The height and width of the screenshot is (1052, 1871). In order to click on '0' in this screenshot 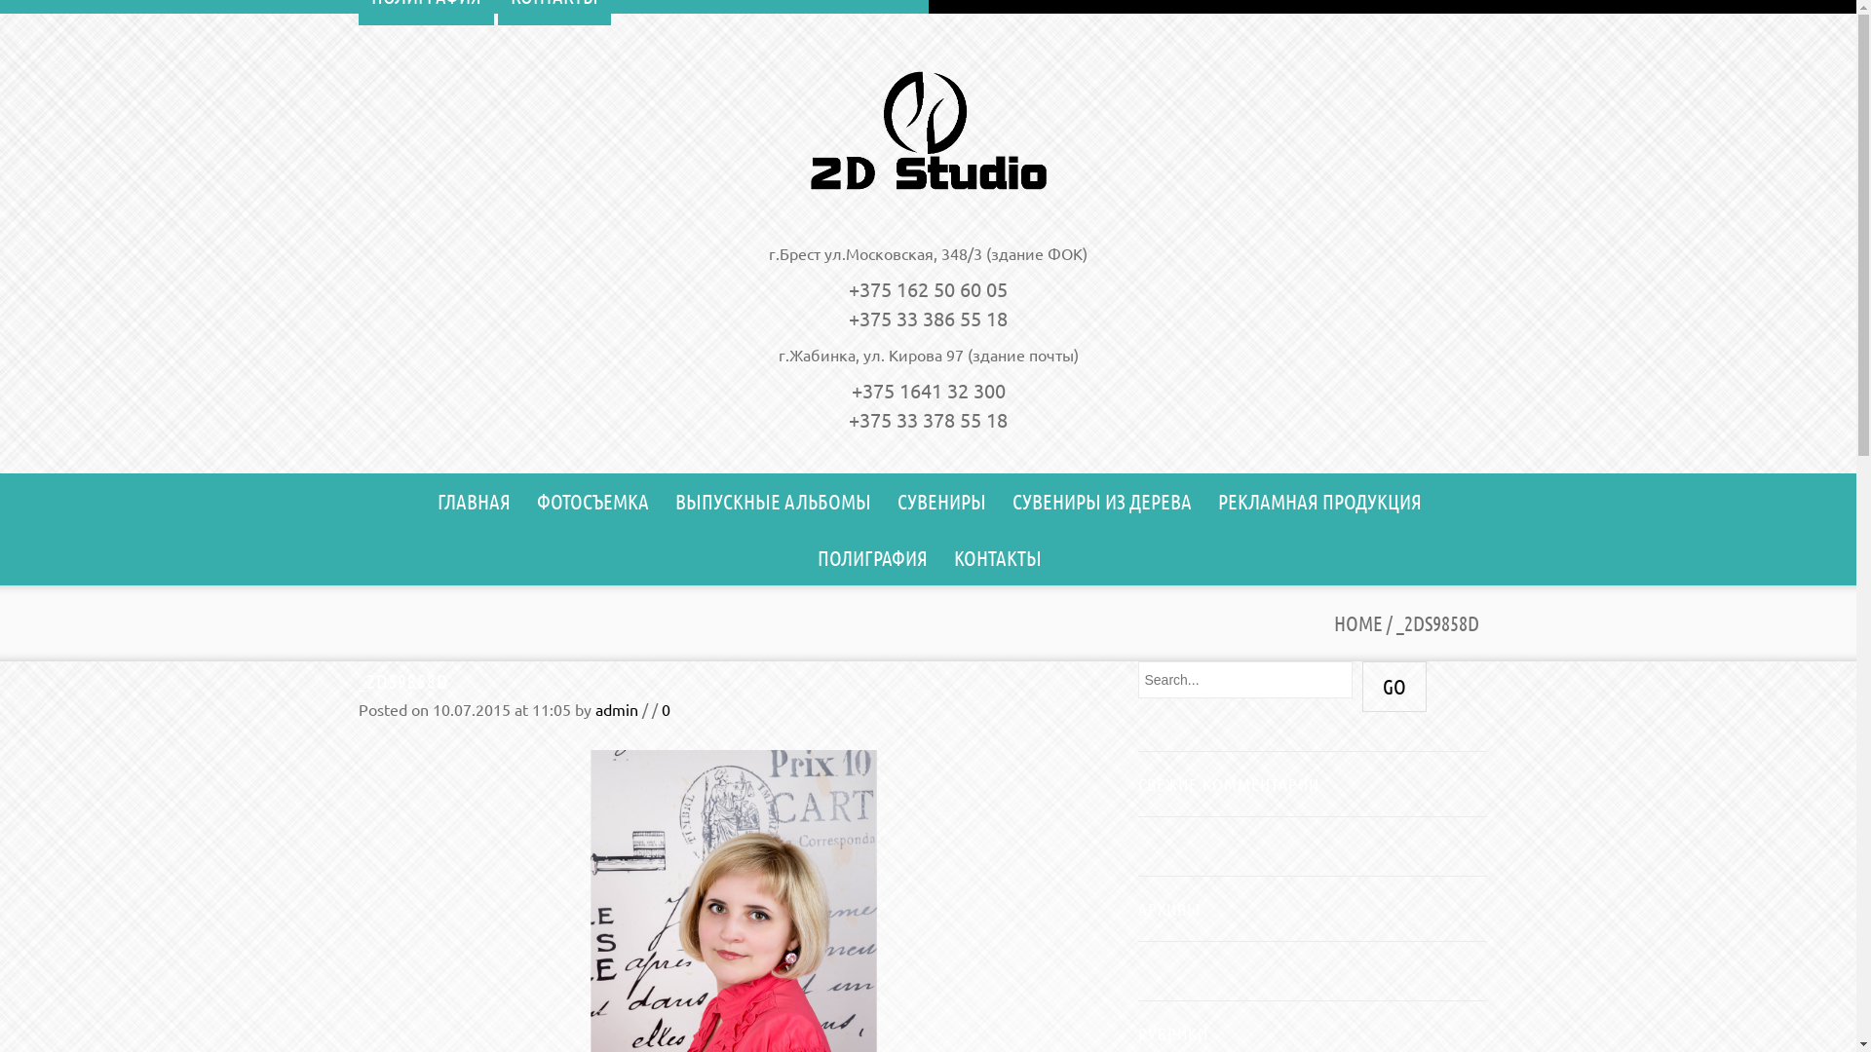, I will do `click(665, 709)`.